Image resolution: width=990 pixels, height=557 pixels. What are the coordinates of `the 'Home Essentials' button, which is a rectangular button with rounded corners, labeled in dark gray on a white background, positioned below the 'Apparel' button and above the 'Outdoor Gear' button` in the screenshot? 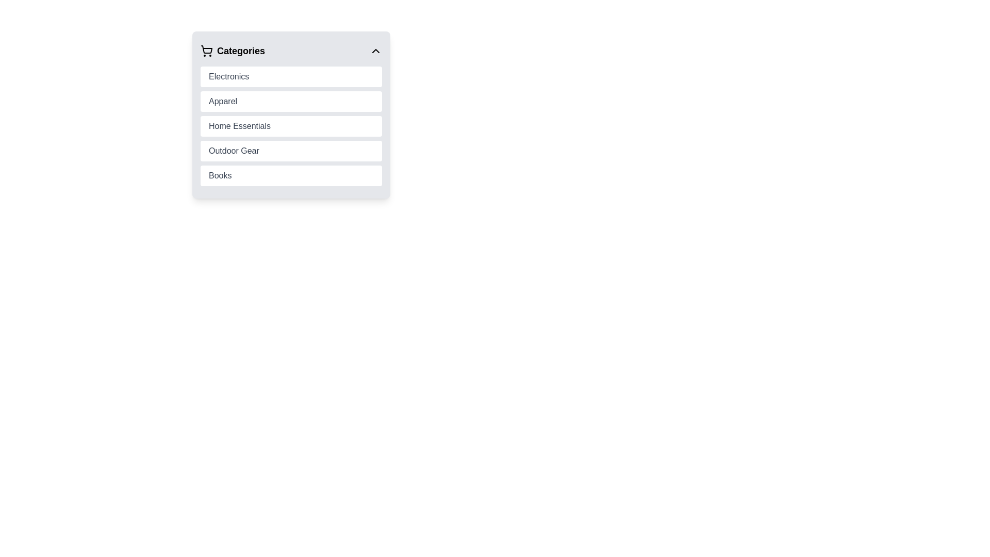 It's located at (291, 126).